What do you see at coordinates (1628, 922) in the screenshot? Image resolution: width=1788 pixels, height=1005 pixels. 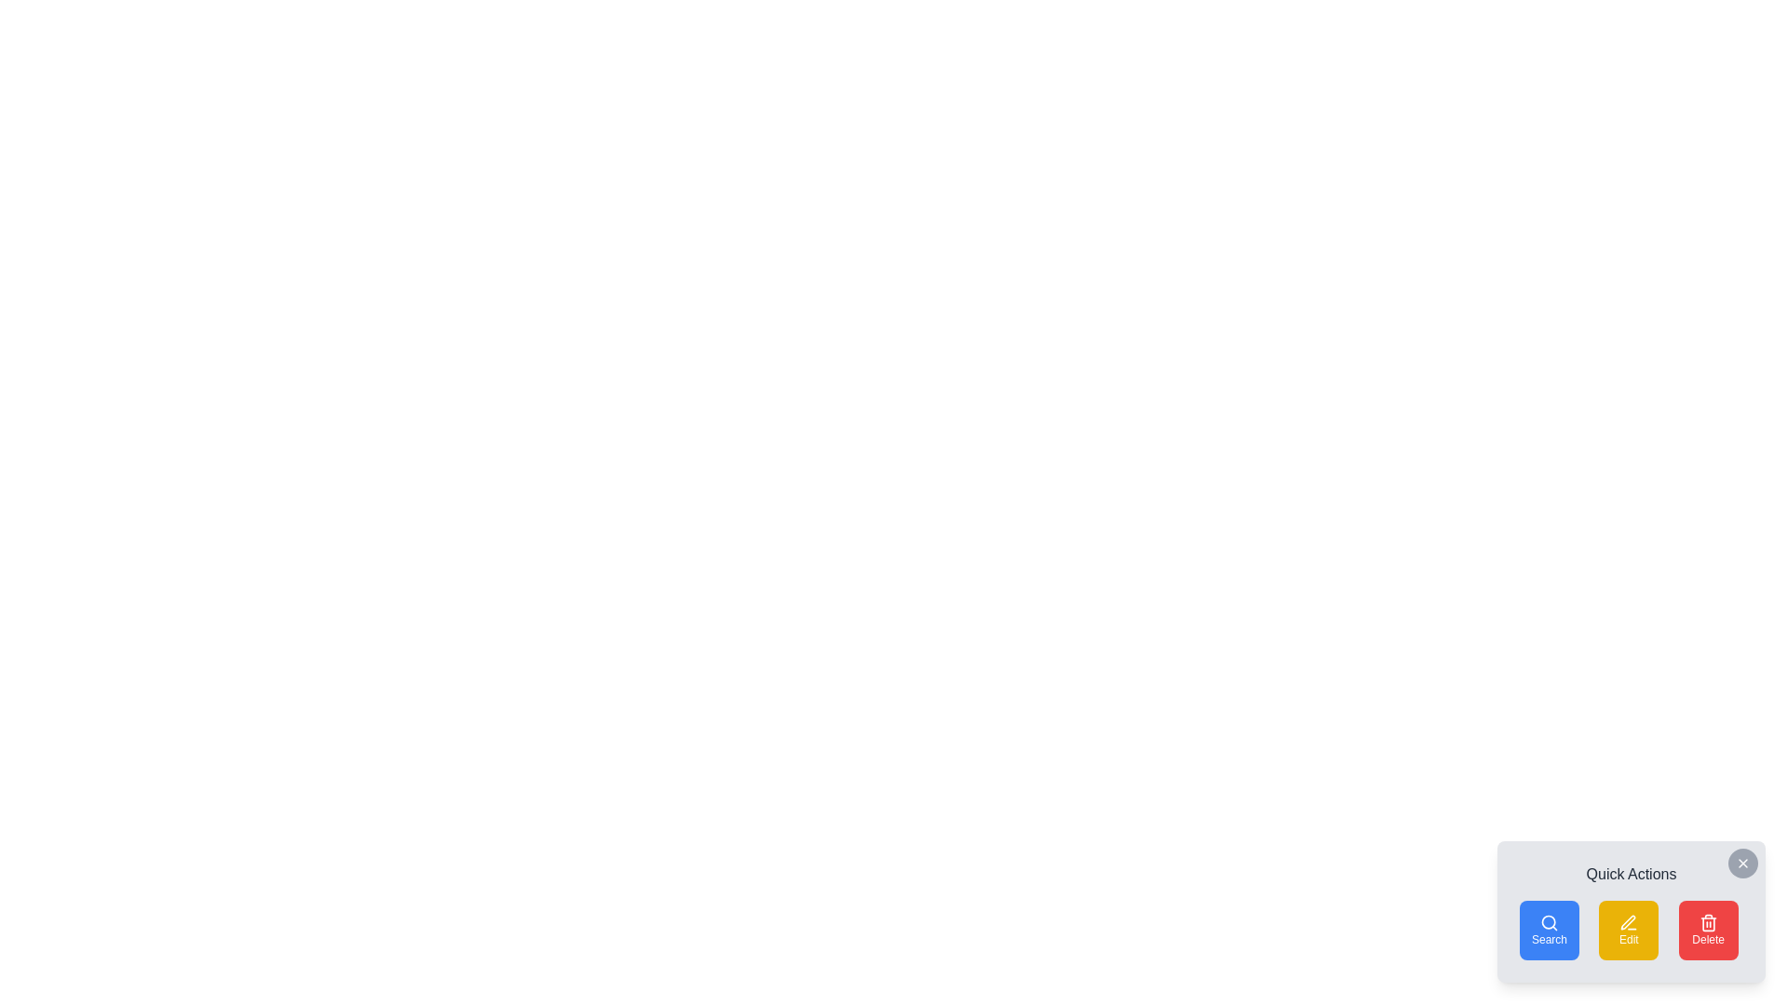 I see `the pen-shaped icon with a white outline and yellow background, located in the center of the yellow 'Edit' button in the 'Quick Actions' section` at bounding box center [1628, 922].